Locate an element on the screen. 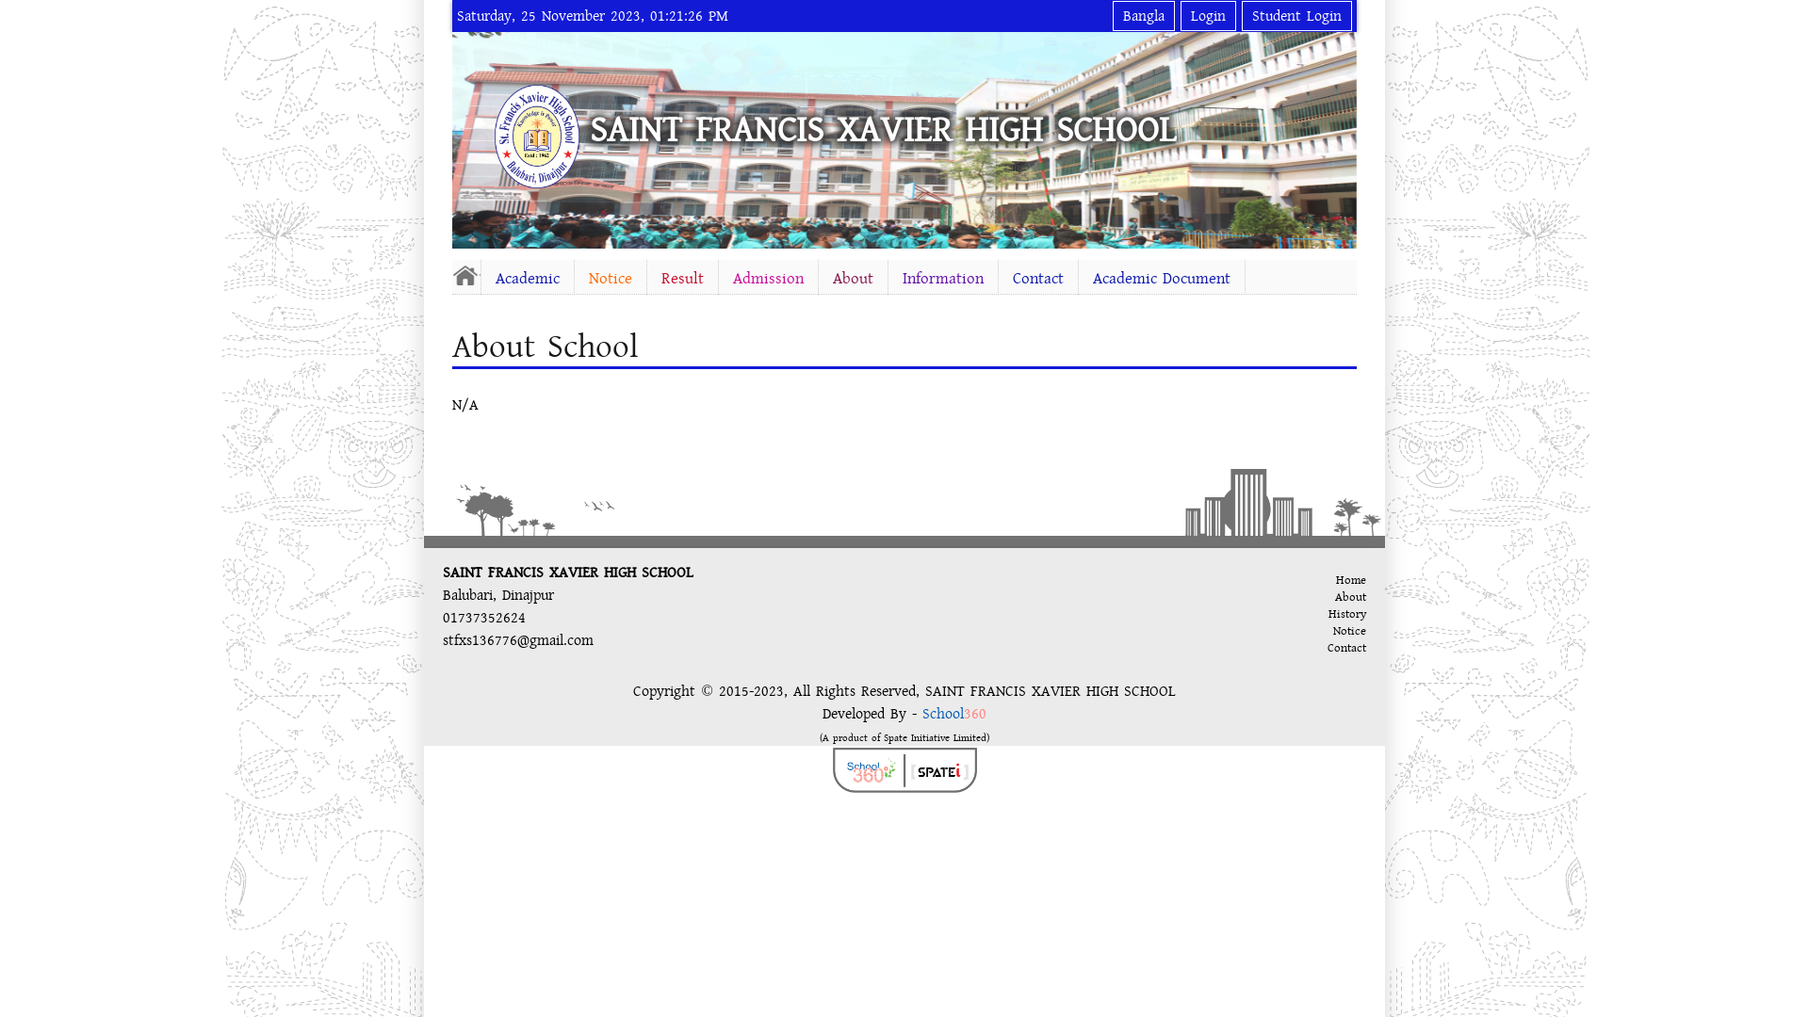  'About' is located at coordinates (1333, 596).